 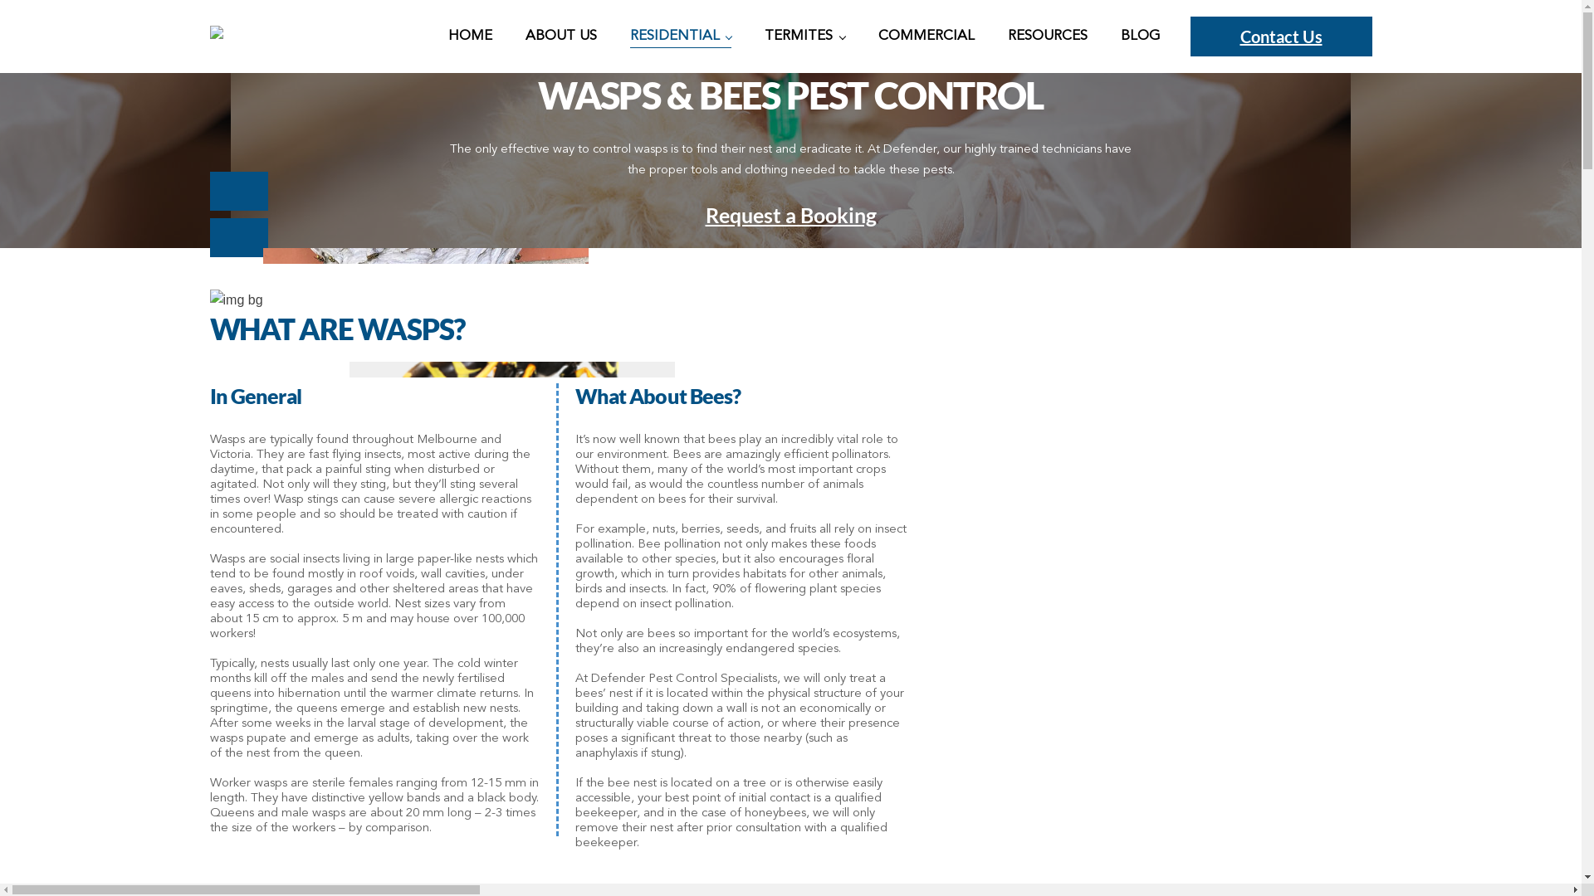 I want to click on 'TERMITES', so click(x=764, y=36).